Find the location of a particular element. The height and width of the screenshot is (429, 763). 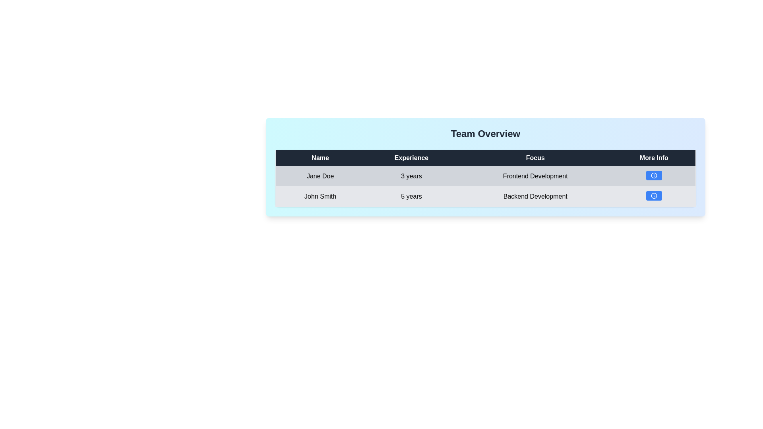

the Text Display element that shows the experience duration for the individual listed as 'Jane Doe' in the table under the 'Experience' header is located at coordinates (411, 176).